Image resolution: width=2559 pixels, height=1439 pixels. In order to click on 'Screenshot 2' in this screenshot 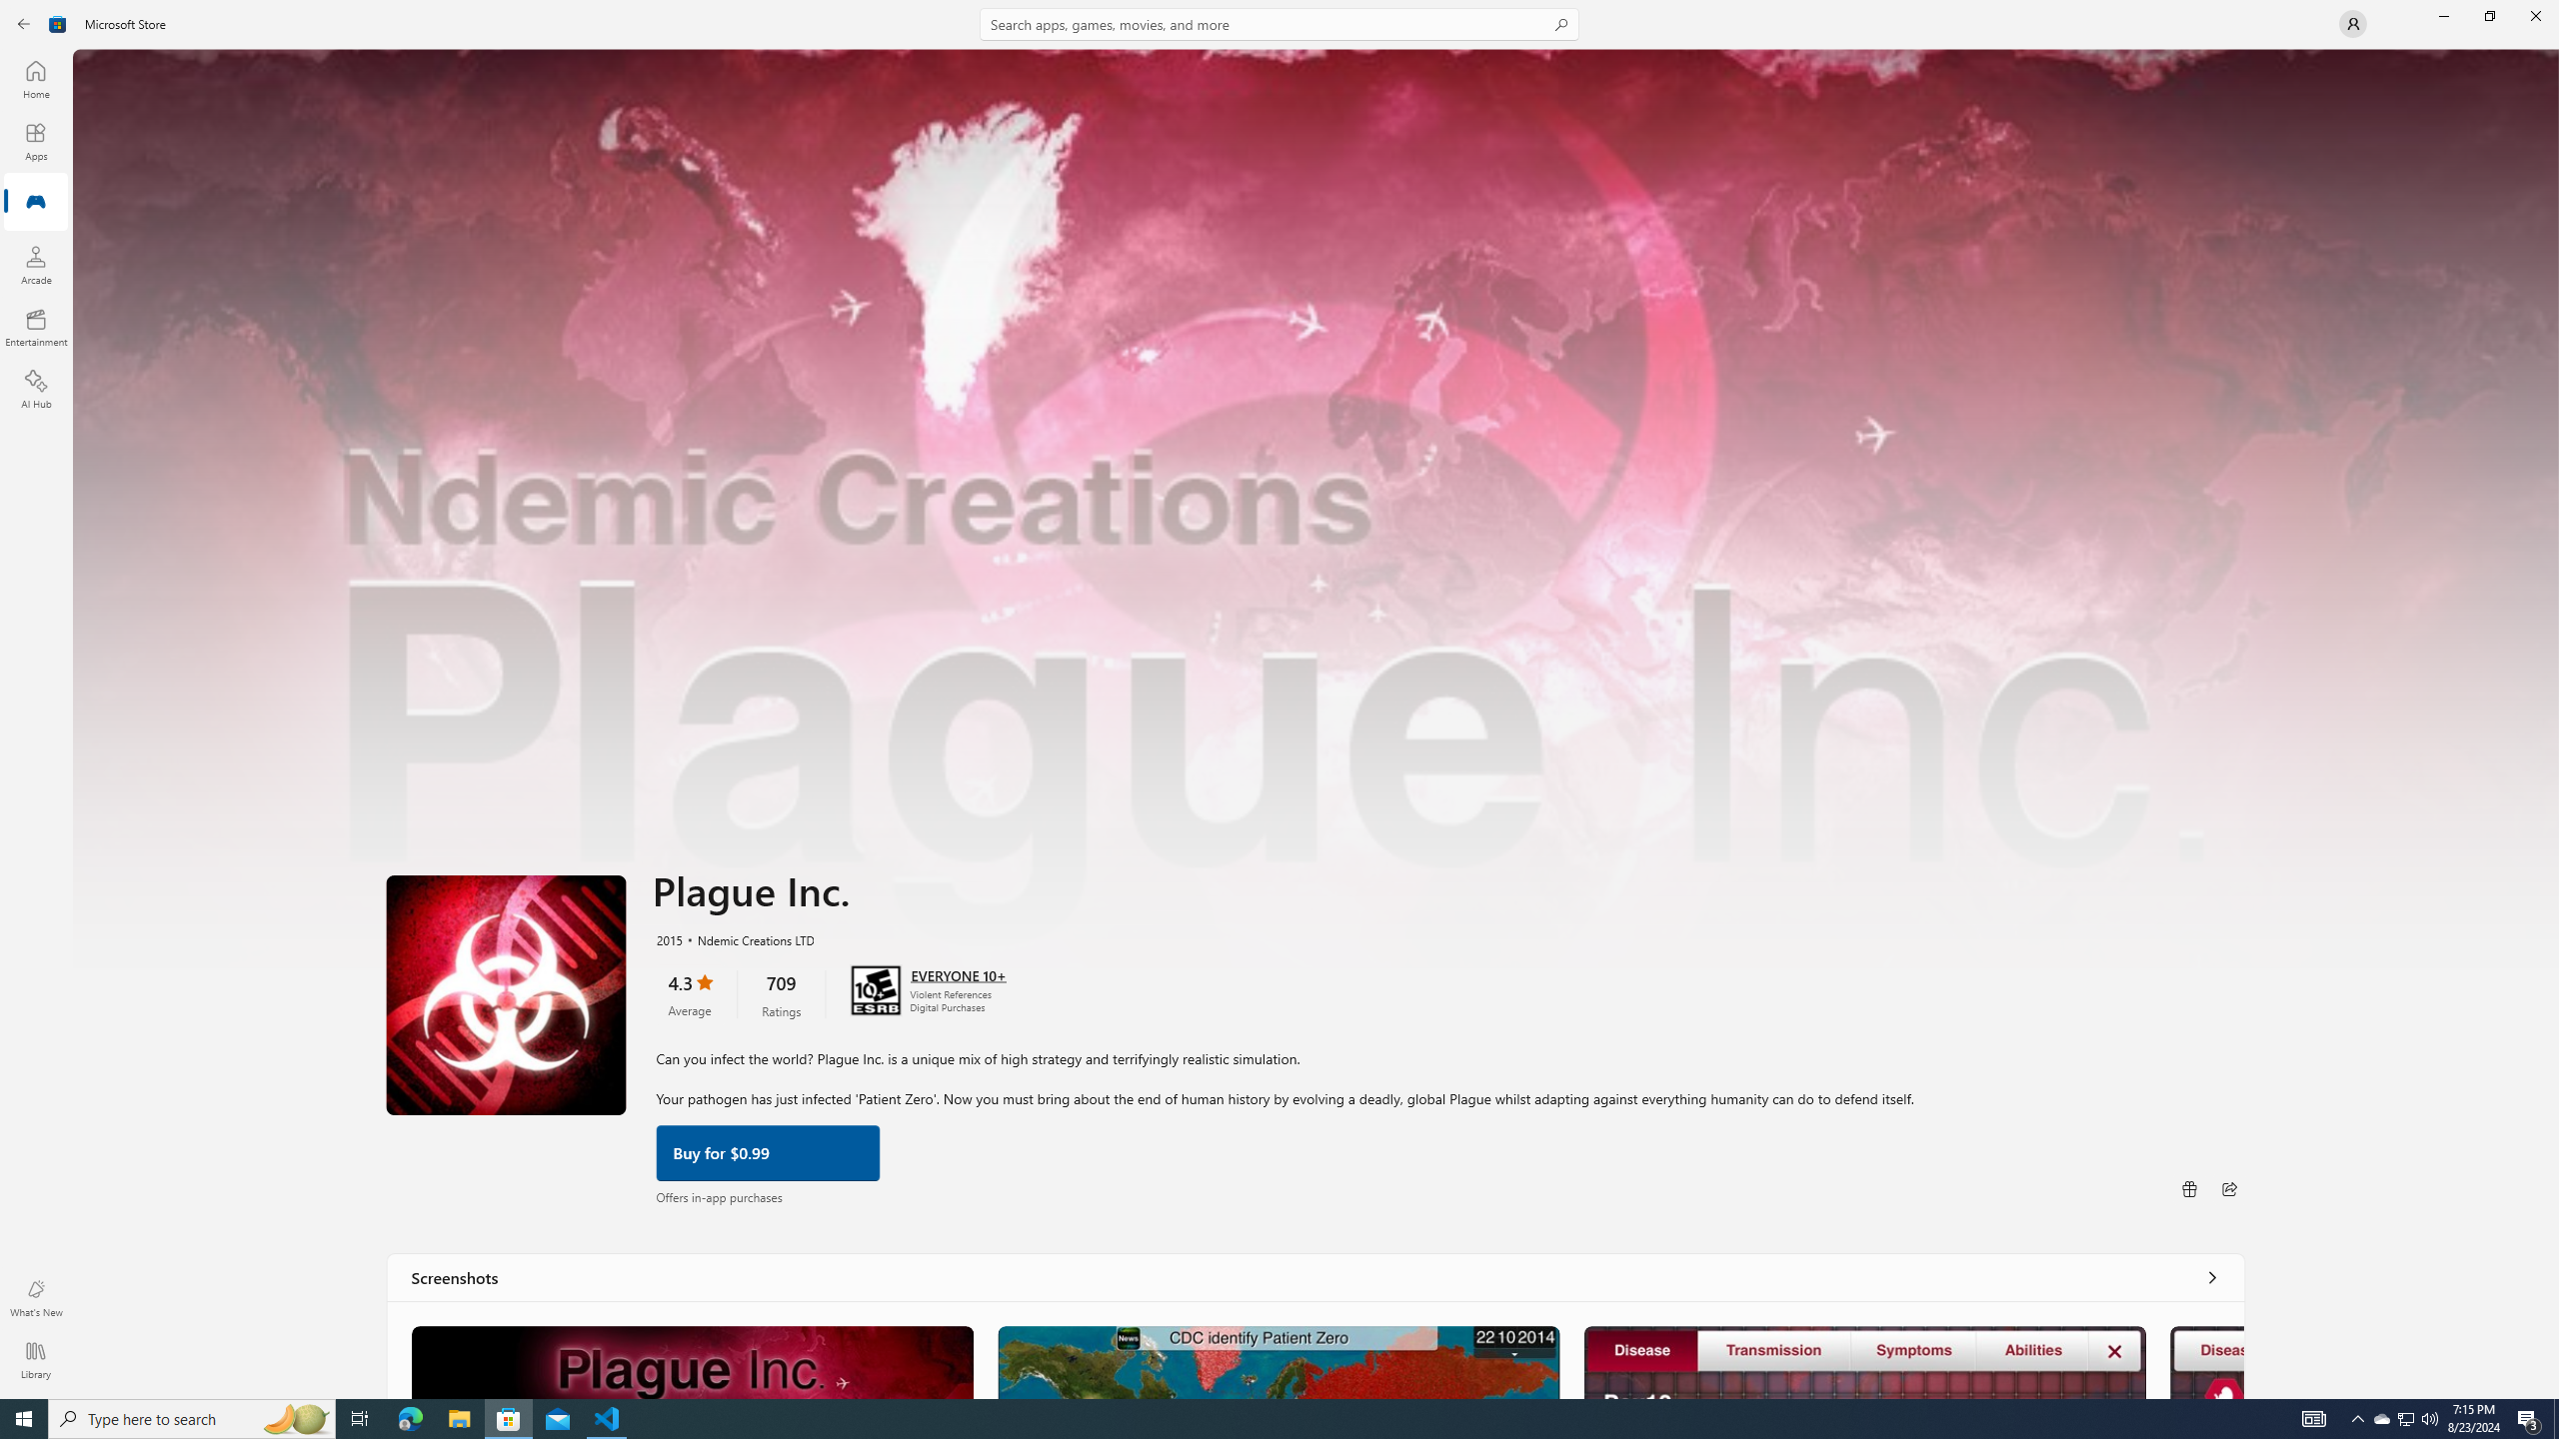, I will do `click(1276, 1361)`.